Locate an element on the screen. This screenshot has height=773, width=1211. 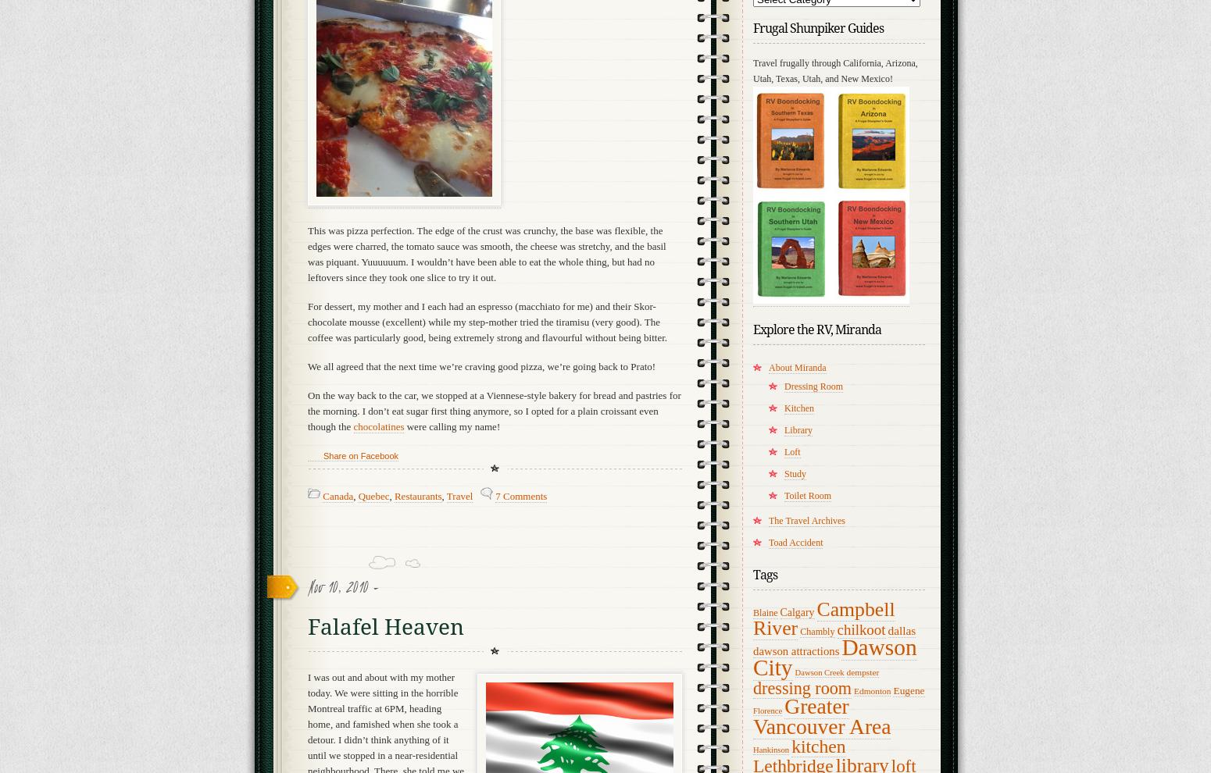
'7 Comments' is located at coordinates (520, 494).